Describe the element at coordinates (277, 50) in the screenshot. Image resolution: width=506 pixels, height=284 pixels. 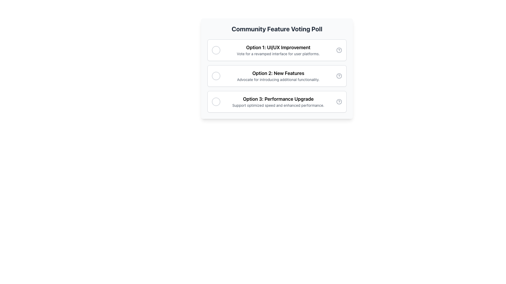
I see `the first selectable option for the voting poll, which includes the radio button and the text 'Option 1: UI/UX Improvement'` at that location.